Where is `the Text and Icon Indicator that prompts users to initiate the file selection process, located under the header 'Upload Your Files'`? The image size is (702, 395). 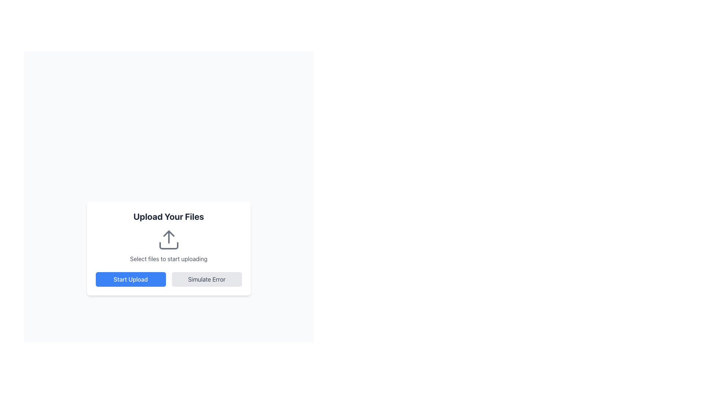
the Text and Icon Indicator that prompts users to initiate the file selection process, located under the header 'Upload Your Files' is located at coordinates (168, 245).